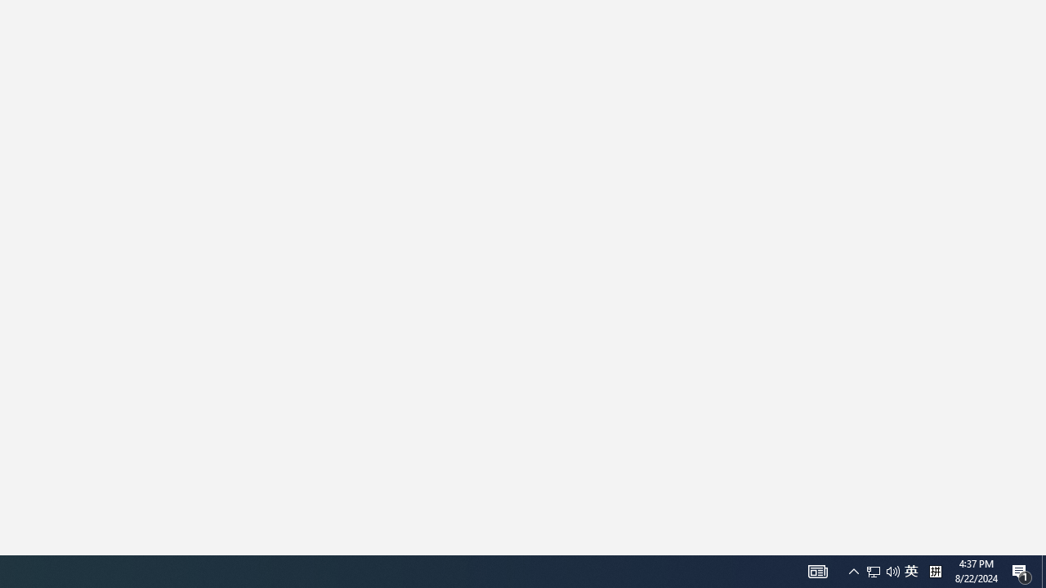 This screenshot has height=588, width=1046. I want to click on 'Notification Chevron', so click(853, 570).